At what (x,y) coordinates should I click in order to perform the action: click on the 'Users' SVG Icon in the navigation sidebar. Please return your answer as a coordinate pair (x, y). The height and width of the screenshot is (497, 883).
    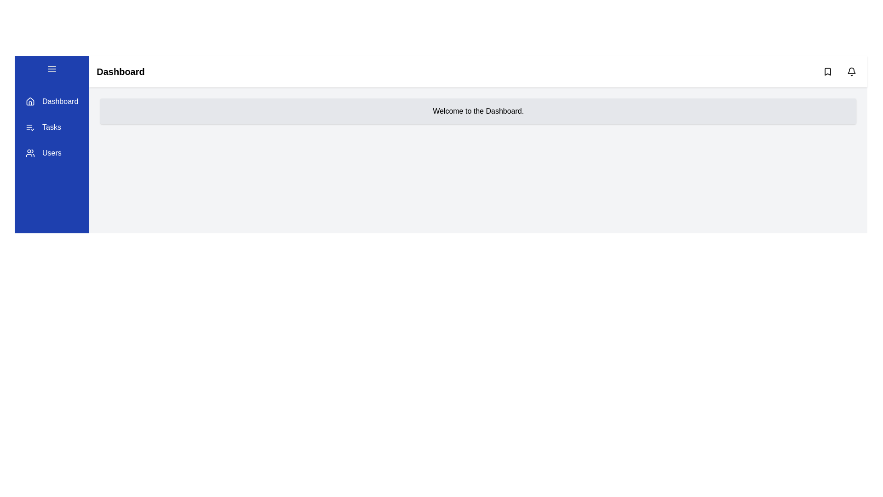
    Looking at the image, I should click on (30, 152).